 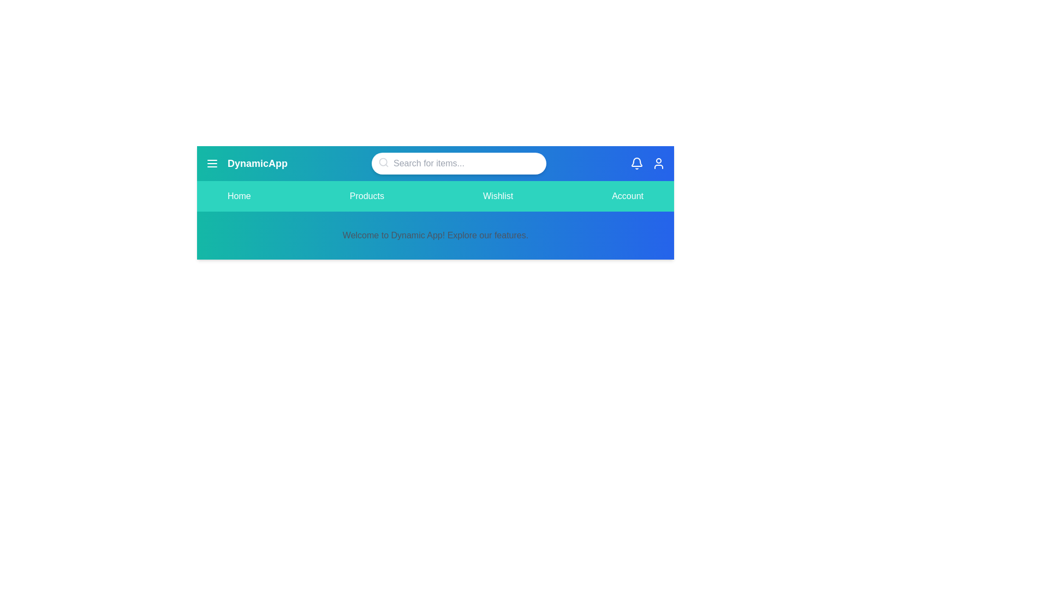 I want to click on the Wishlist tab, so click(x=497, y=195).